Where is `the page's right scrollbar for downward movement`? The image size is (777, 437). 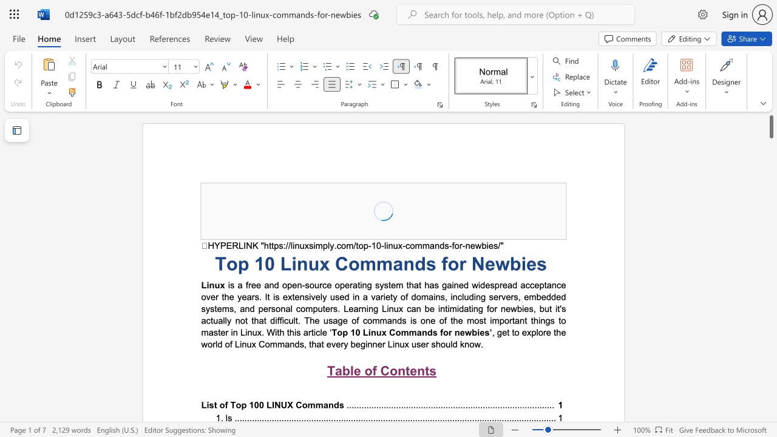 the page's right scrollbar for downward movement is located at coordinates (770, 176).